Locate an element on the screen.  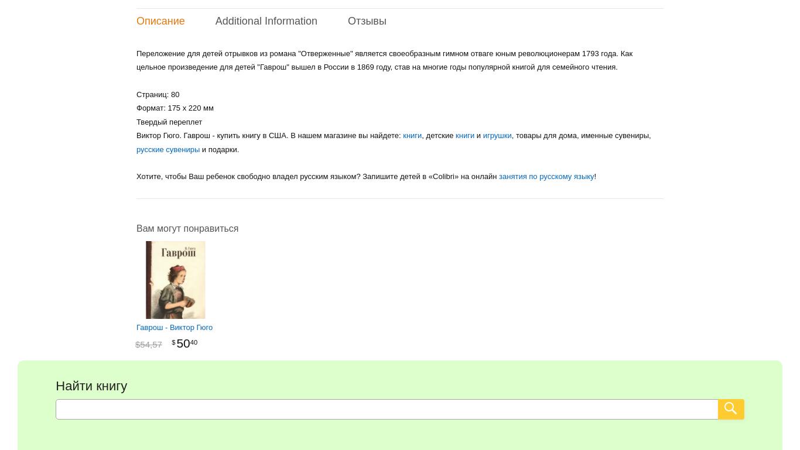
'40' is located at coordinates (193, 341).